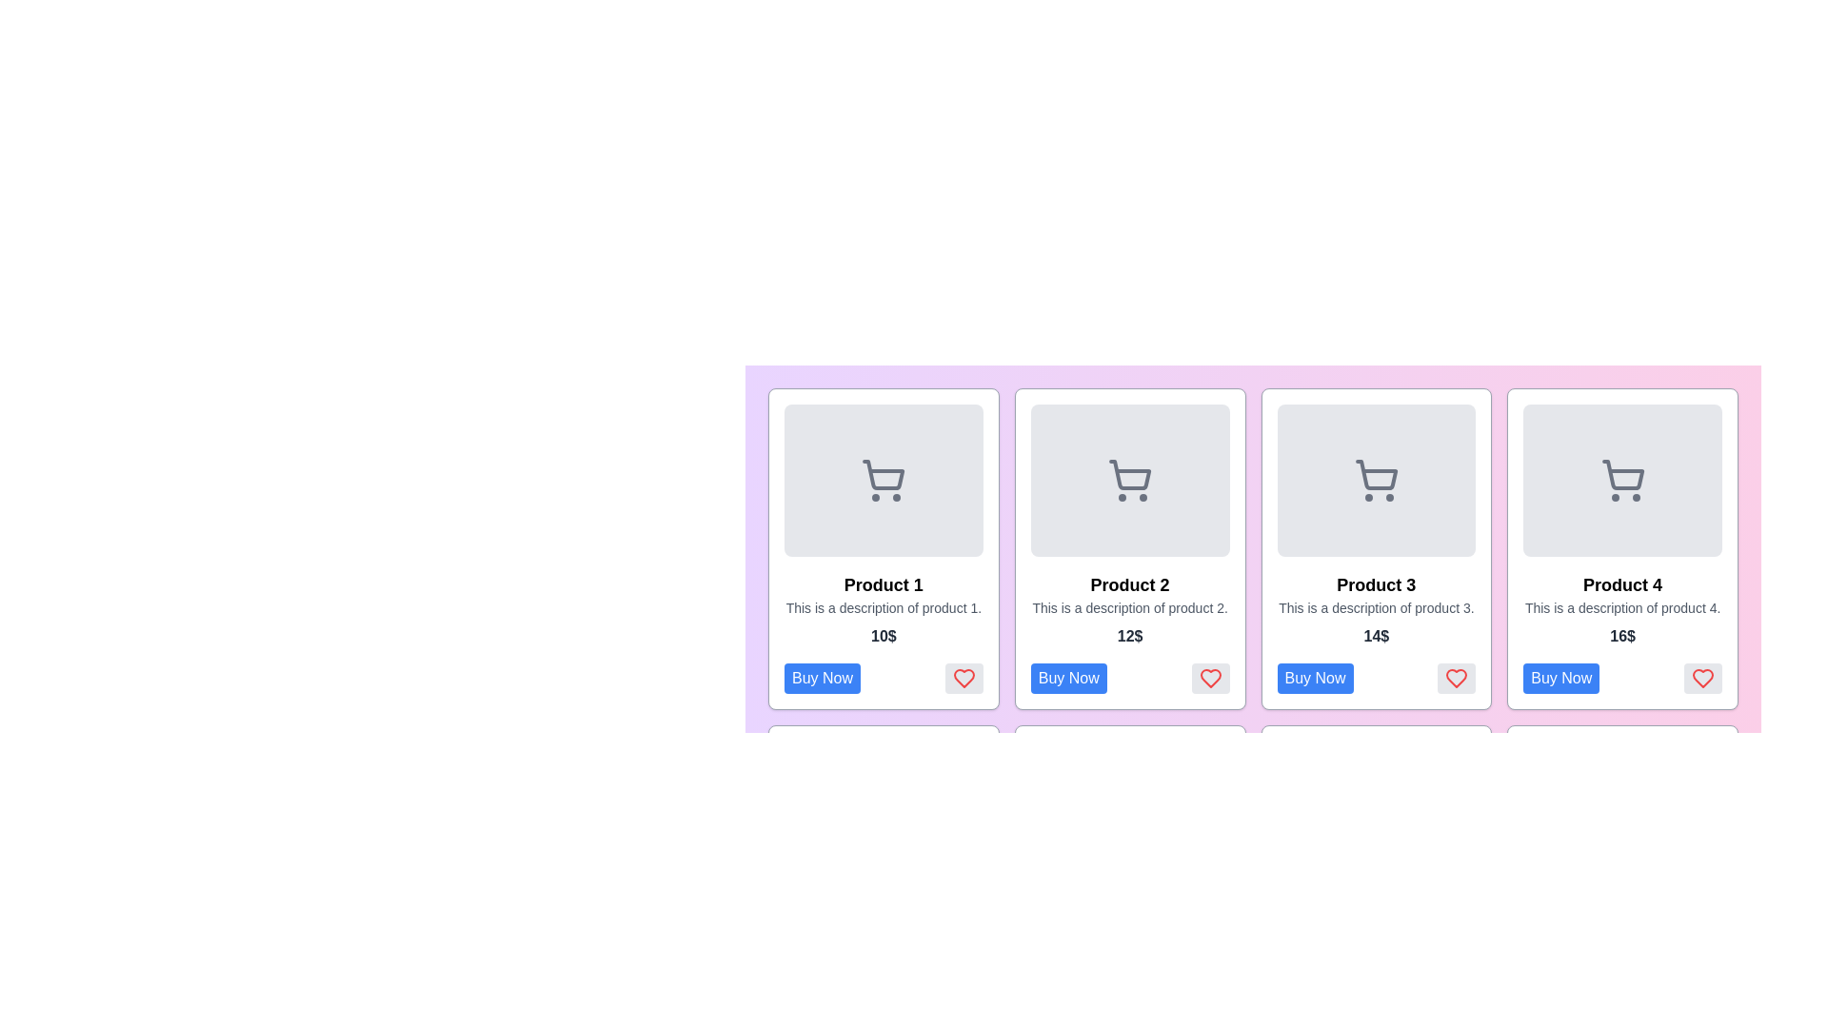 This screenshot has width=1828, height=1028. I want to click on the Text Label displaying '12$' in bold, dark gray font, located in the bottom center area of the card layout for 'Product 2', so click(1130, 636).